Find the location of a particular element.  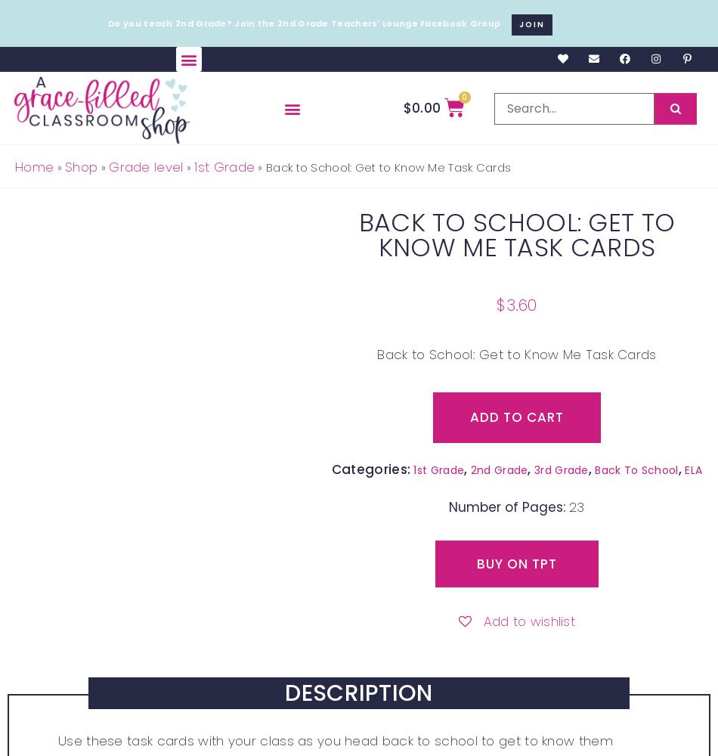

'23' is located at coordinates (576, 507).